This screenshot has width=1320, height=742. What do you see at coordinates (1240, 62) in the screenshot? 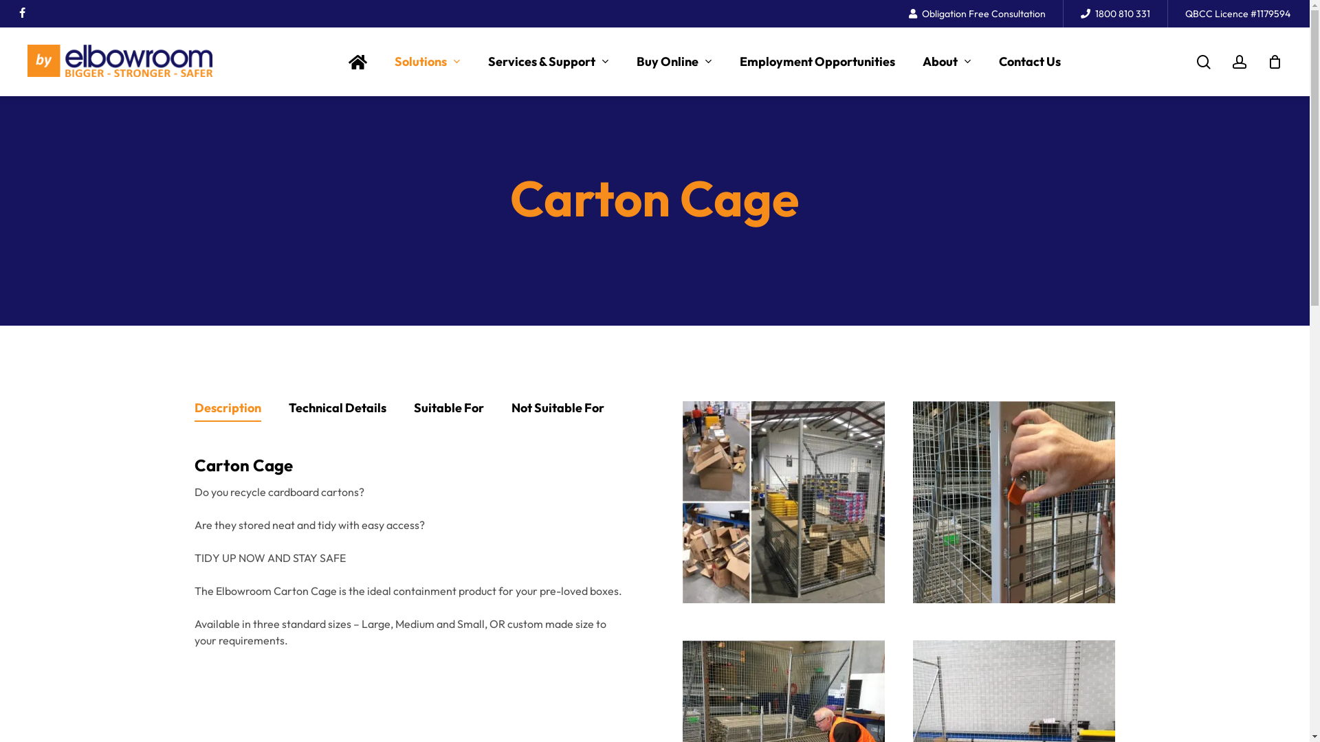
I see `'account'` at bounding box center [1240, 62].